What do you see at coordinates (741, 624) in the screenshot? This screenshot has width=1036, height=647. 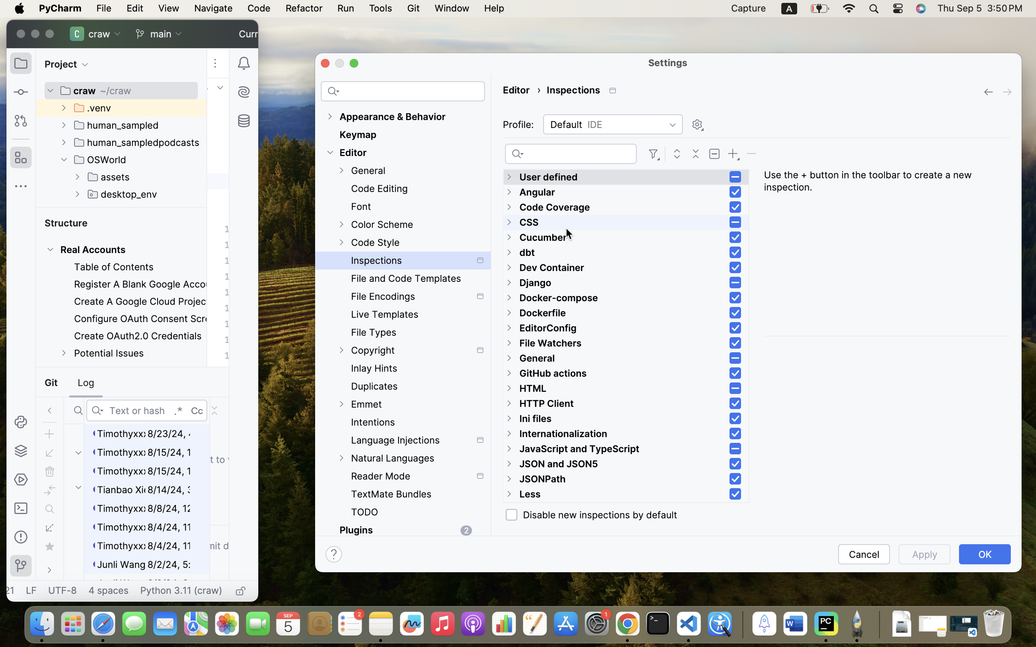 I see `'0.4285714328289032'` at bounding box center [741, 624].